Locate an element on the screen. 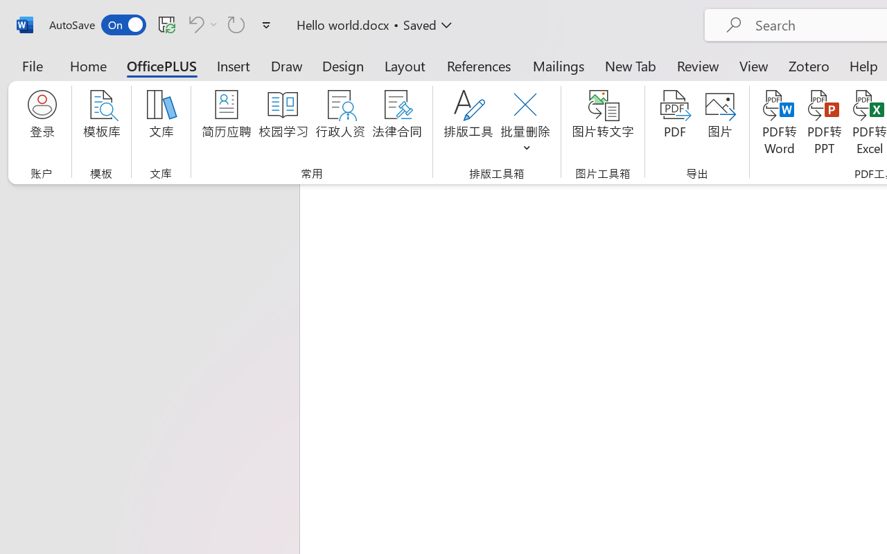  'Draw' is located at coordinates (286, 65).